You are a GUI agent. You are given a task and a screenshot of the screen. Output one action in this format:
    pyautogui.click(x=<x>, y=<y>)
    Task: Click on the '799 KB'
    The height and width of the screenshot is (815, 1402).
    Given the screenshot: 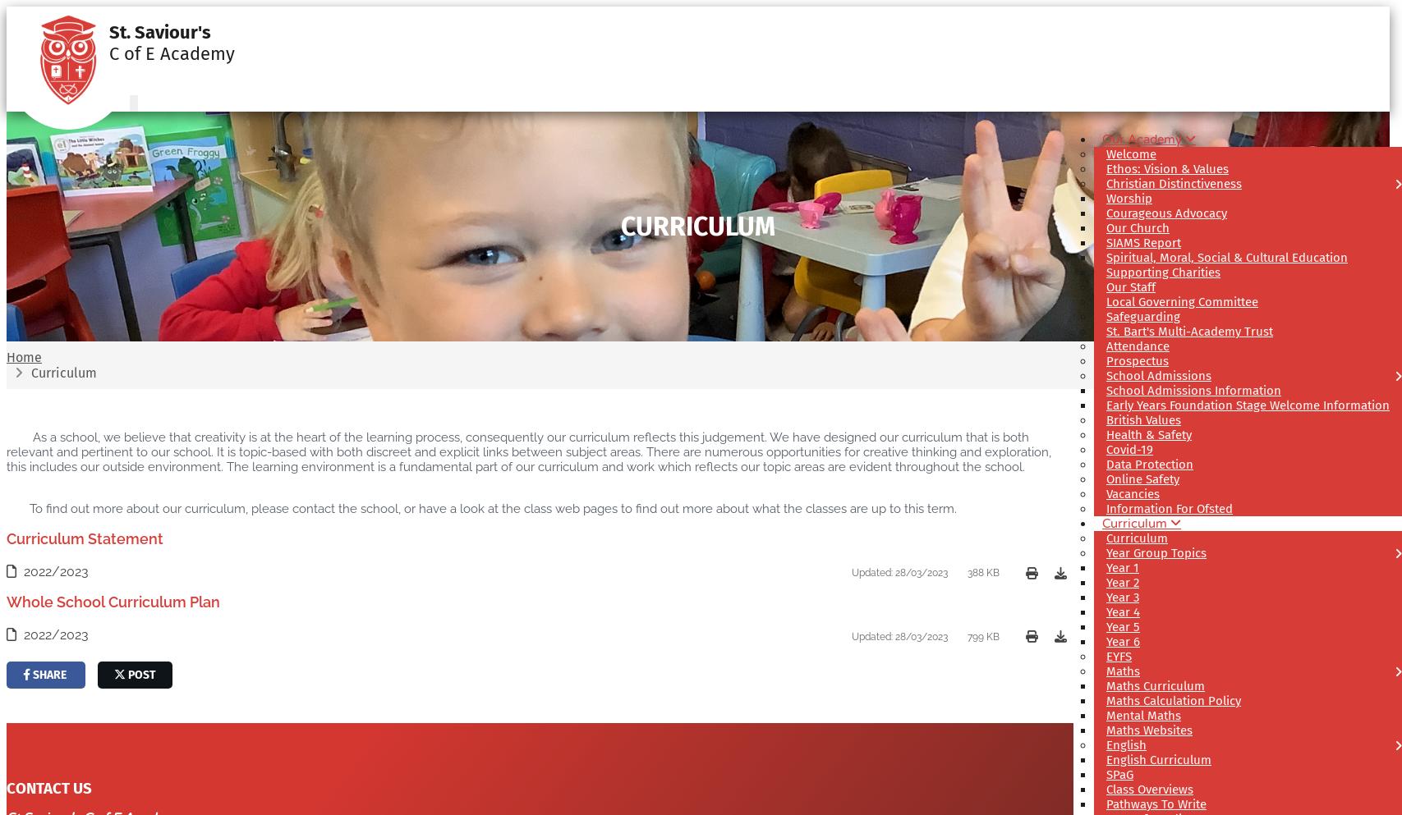 What is the action you would take?
    pyautogui.click(x=967, y=635)
    